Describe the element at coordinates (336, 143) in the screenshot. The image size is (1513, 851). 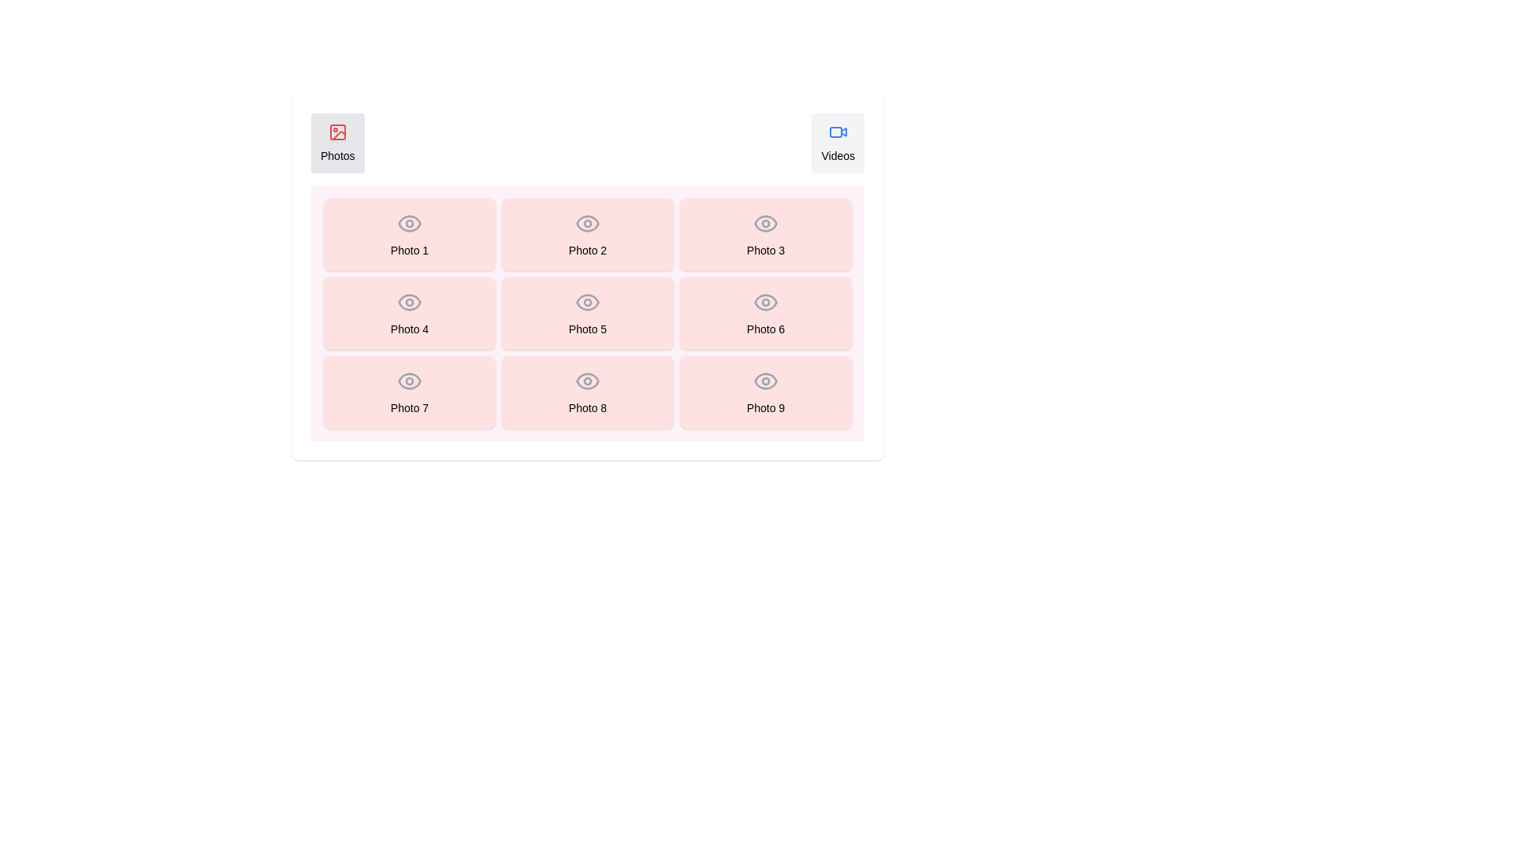
I see `the tab labeled Photos` at that location.